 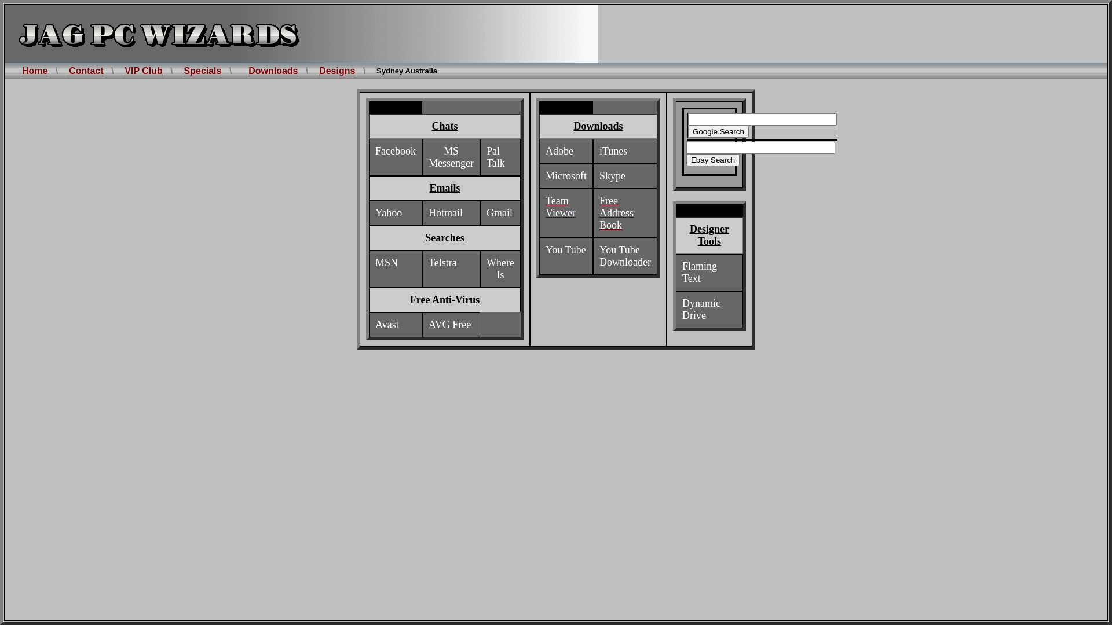 What do you see at coordinates (566, 176) in the screenshot?
I see `'Microsoft'` at bounding box center [566, 176].